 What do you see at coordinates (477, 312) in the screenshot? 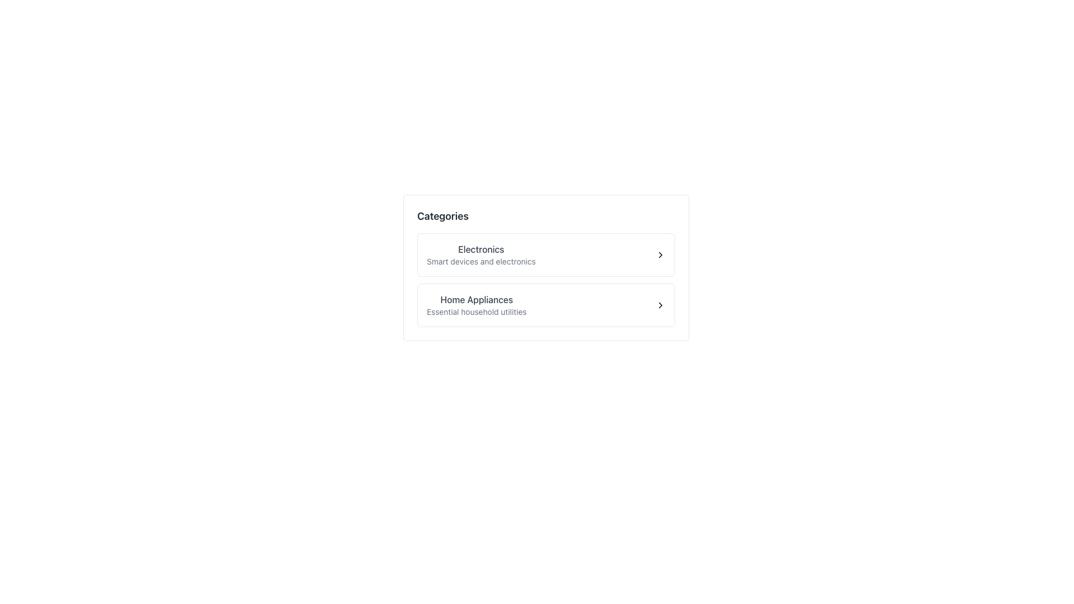
I see `the static text element that displays 'Essential household utilities', which is a descriptive subtitle located beneath the bold title 'Home Appliances' in the second list item of the category block` at bounding box center [477, 312].